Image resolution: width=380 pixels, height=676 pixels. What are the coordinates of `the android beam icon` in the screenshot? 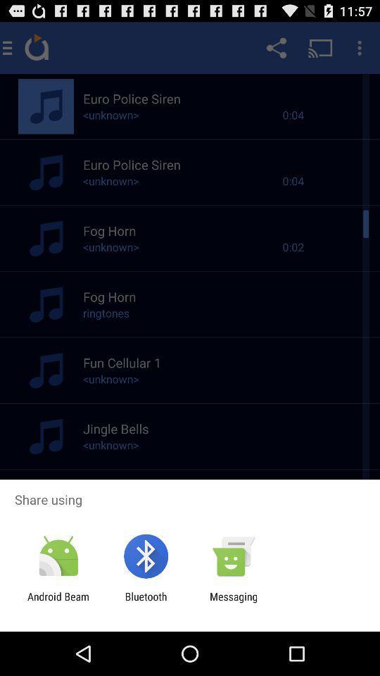 It's located at (58, 602).